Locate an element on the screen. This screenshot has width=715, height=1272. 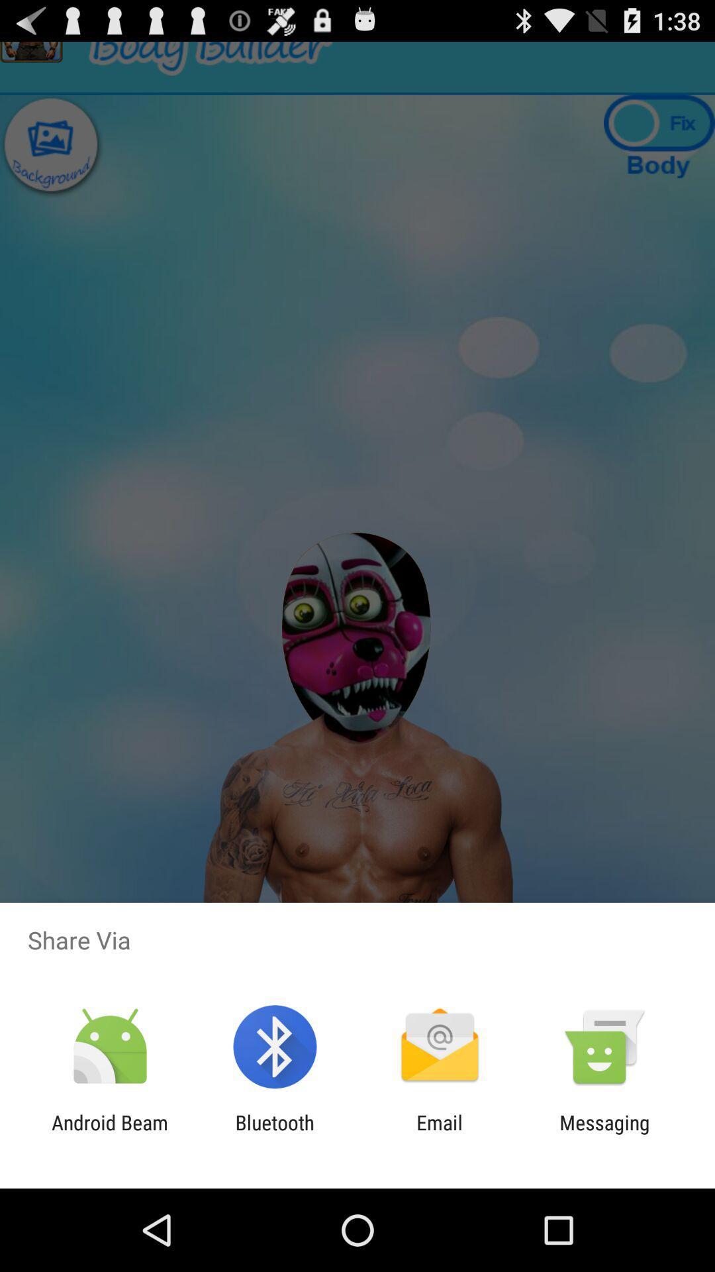
the icon to the left of the email icon is located at coordinates (274, 1134).